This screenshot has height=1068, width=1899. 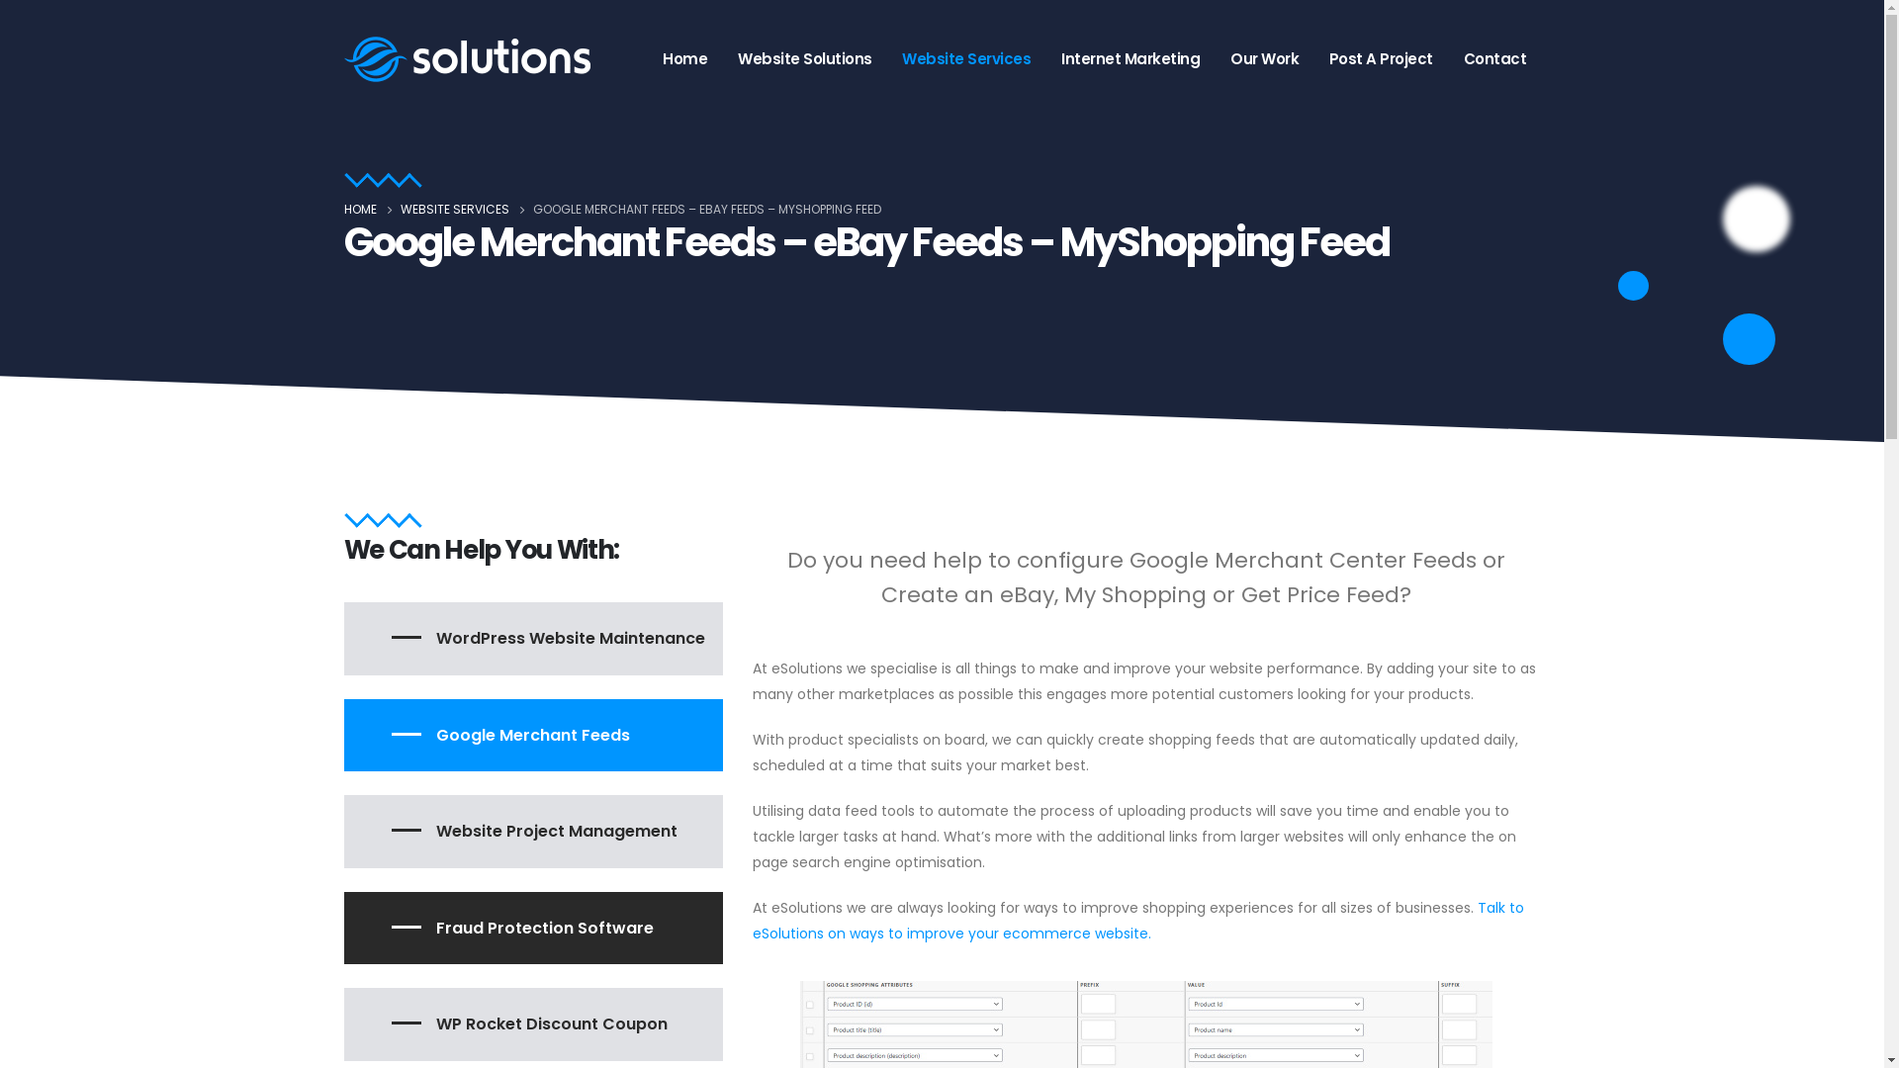 I want to click on 'HOME', so click(x=360, y=210).